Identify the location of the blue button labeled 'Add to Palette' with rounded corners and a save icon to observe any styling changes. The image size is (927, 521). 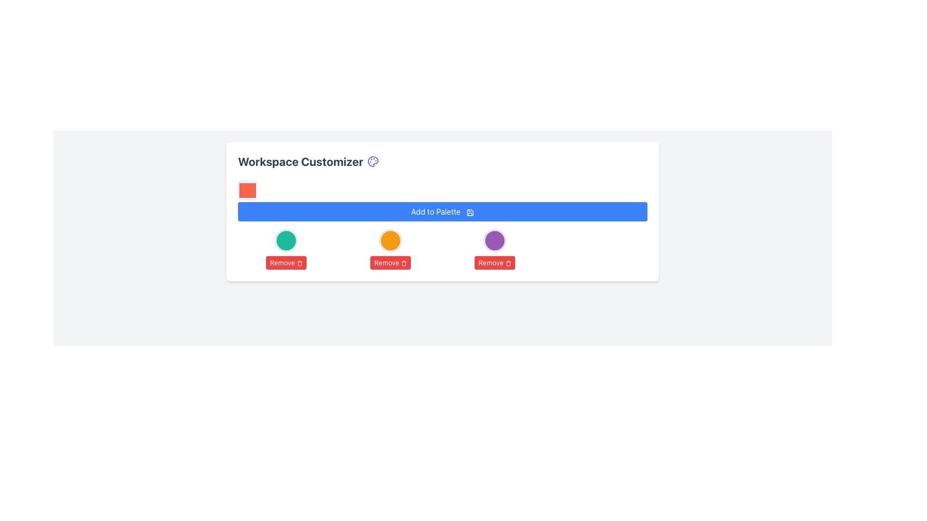
(442, 200).